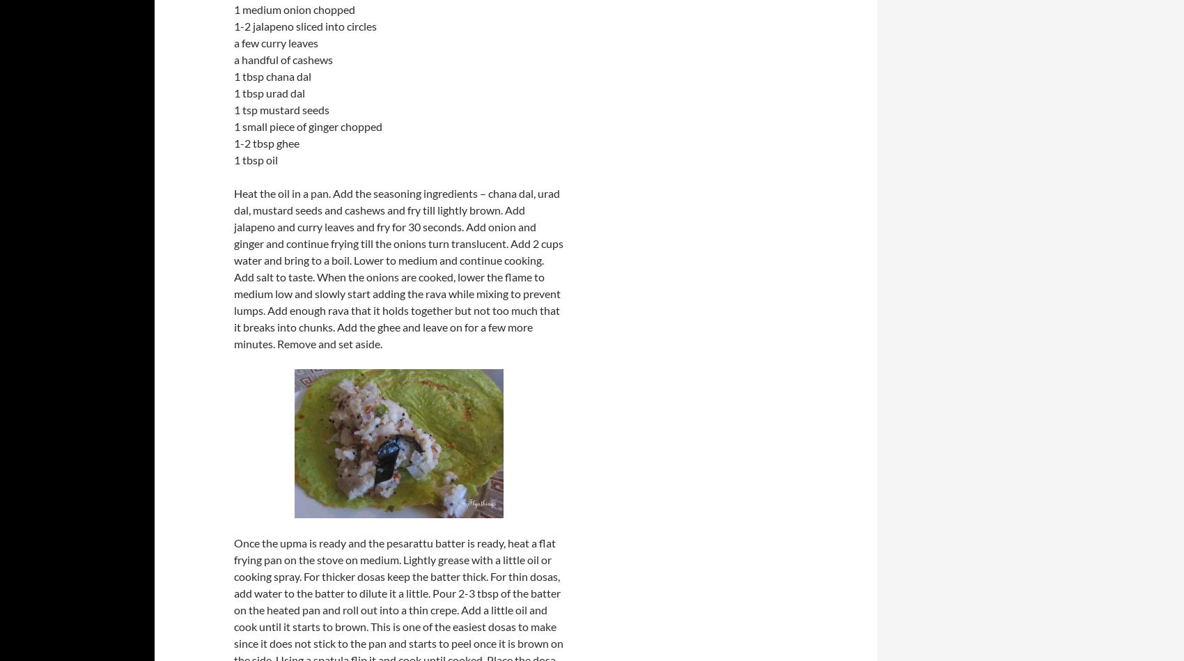  Describe the element at coordinates (268, 93) in the screenshot. I see `'1 tbsp urad dal'` at that location.